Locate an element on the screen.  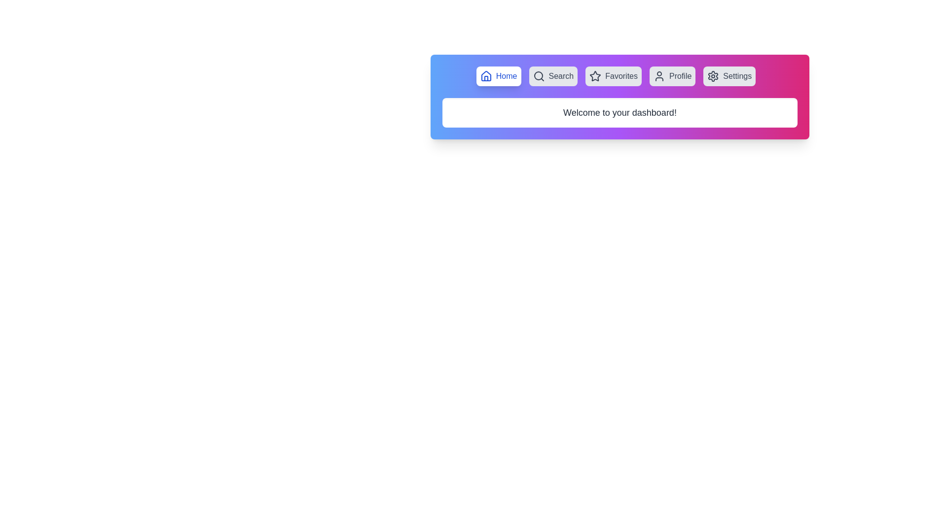
the profile navigation button located in the top right navigation bar to trigger visual feedback is located at coordinates (672, 75).